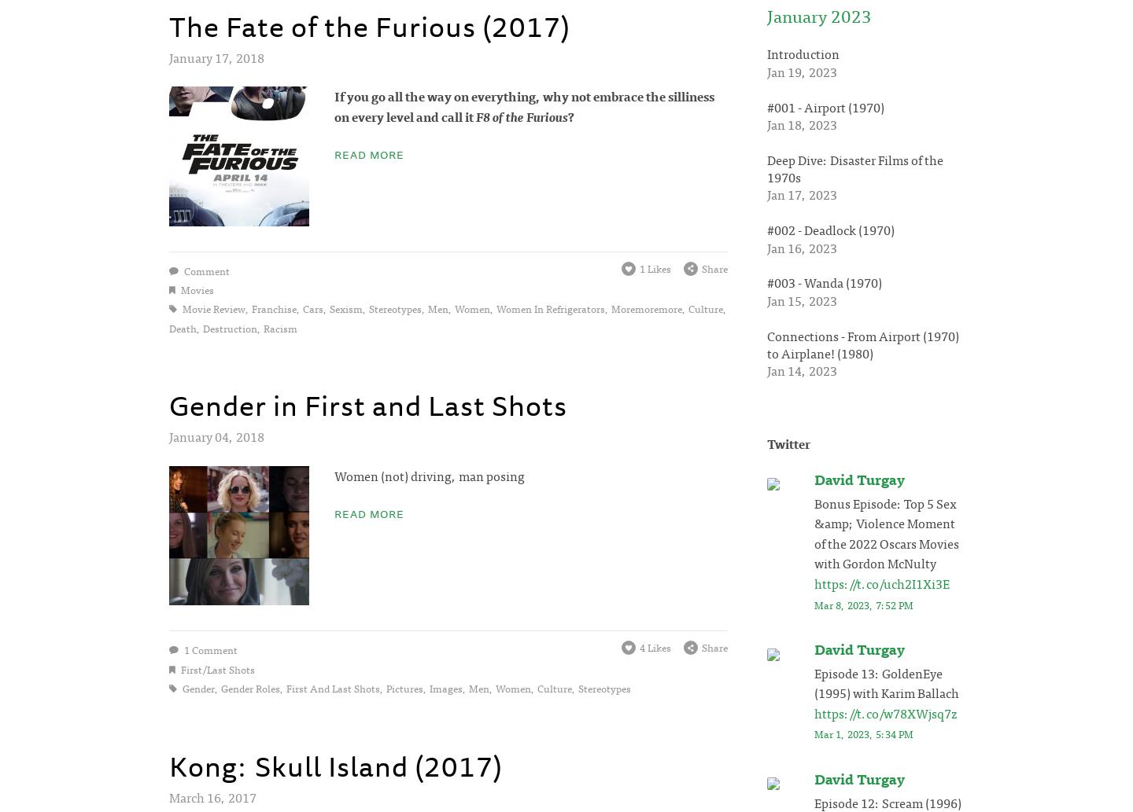  What do you see at coordinates (863, 604) in the screenshot?
I see `'Mar 8, 2023, 7:52 PM'` at bounding box center [863, 604].